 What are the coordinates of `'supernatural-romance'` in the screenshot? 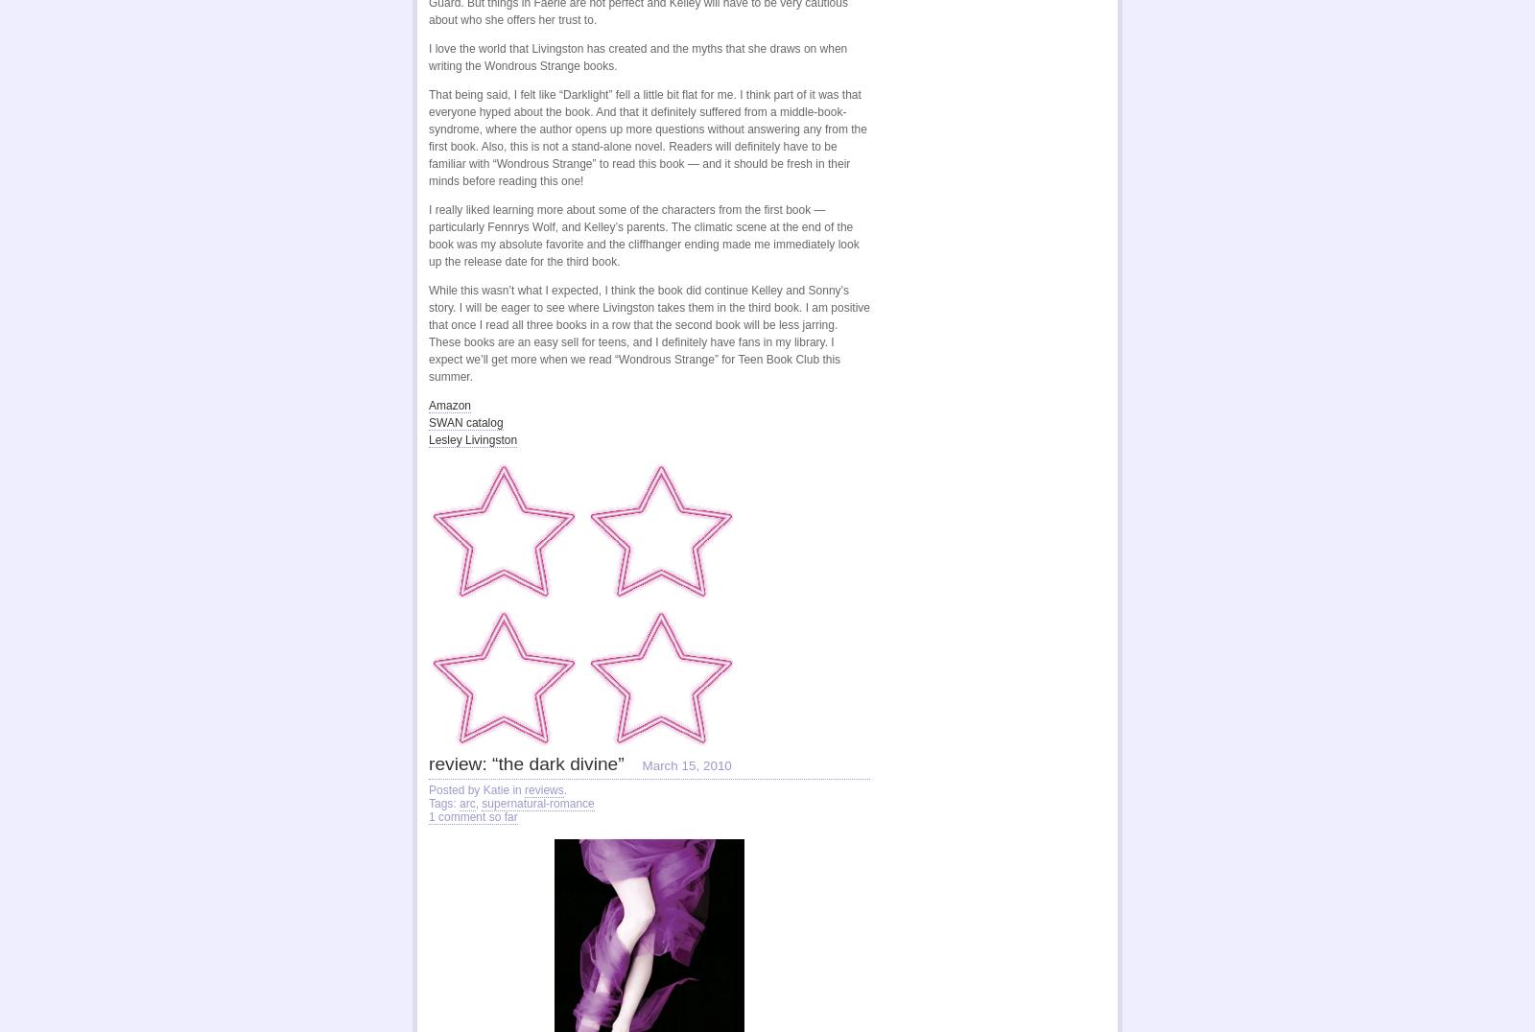 It's located at (536, 802).